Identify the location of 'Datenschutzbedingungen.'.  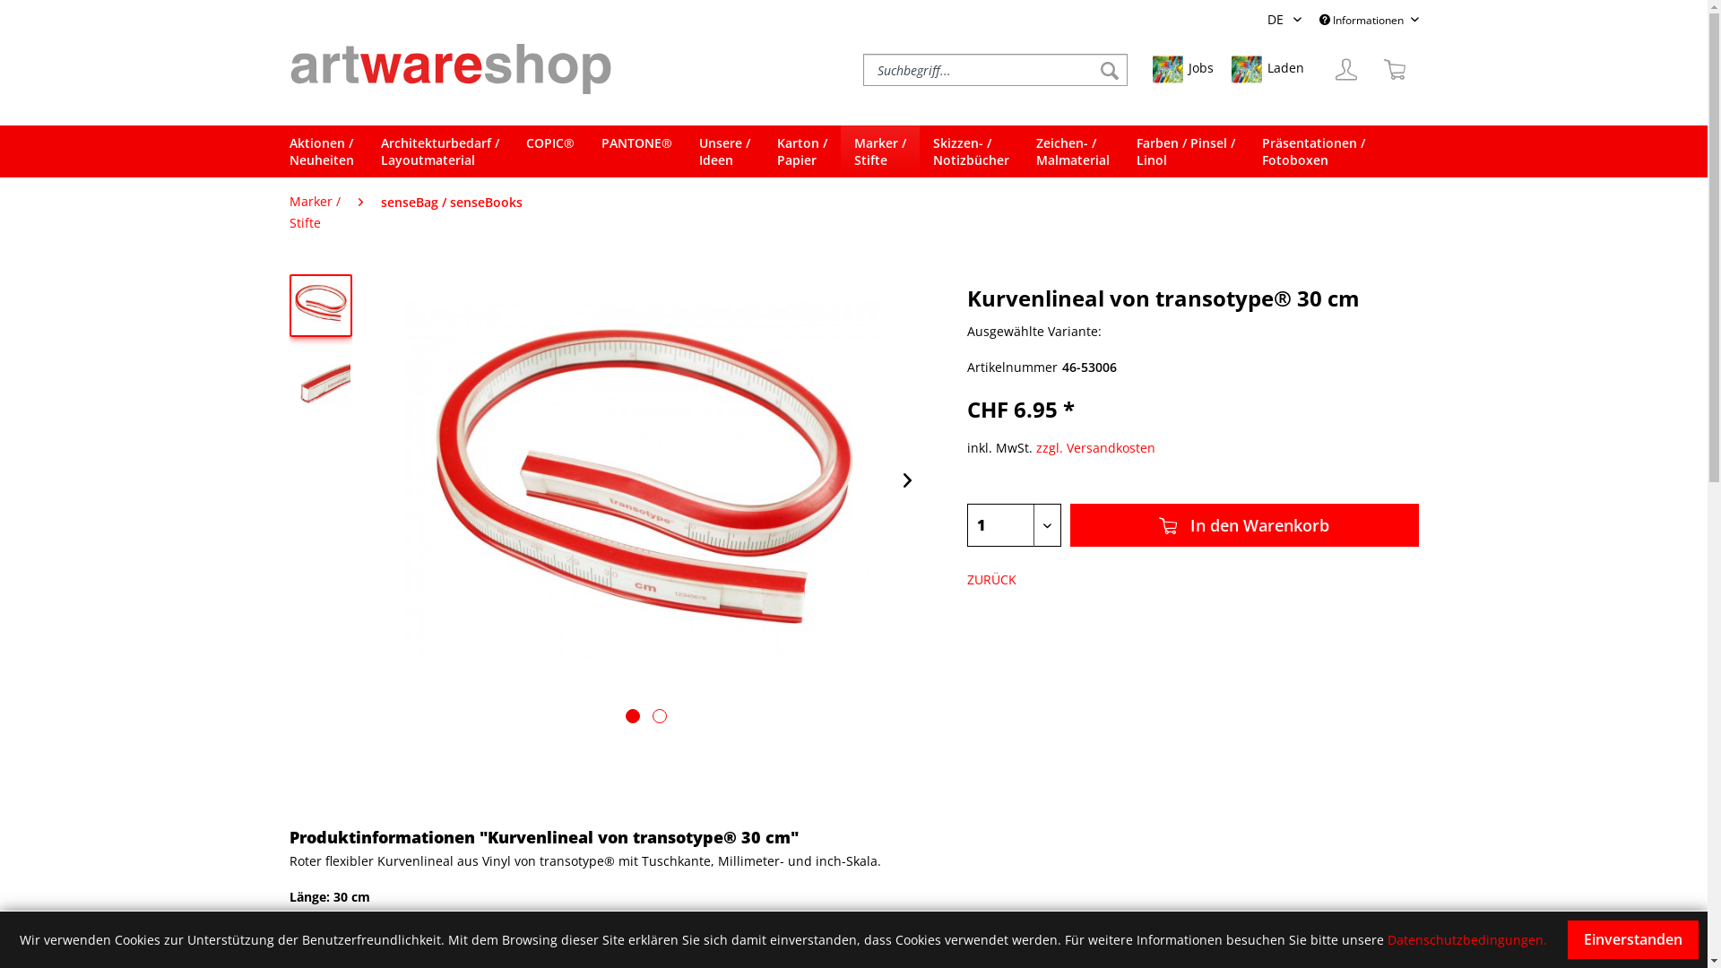
(1466, 938).